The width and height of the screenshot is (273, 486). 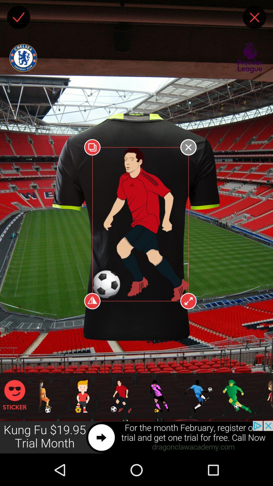 I want to click on the check icon, so click(x=18, y=18).